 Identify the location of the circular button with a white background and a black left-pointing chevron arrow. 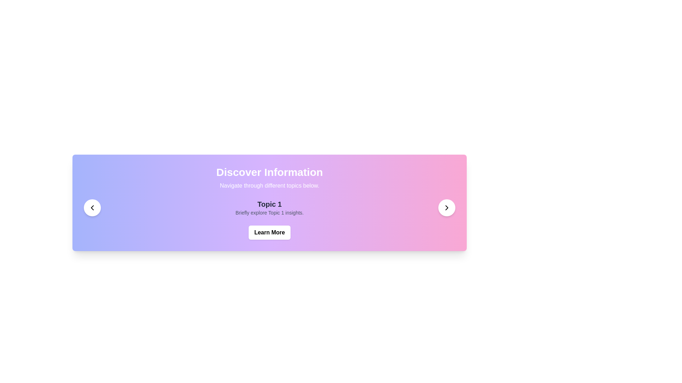
(92, 207).